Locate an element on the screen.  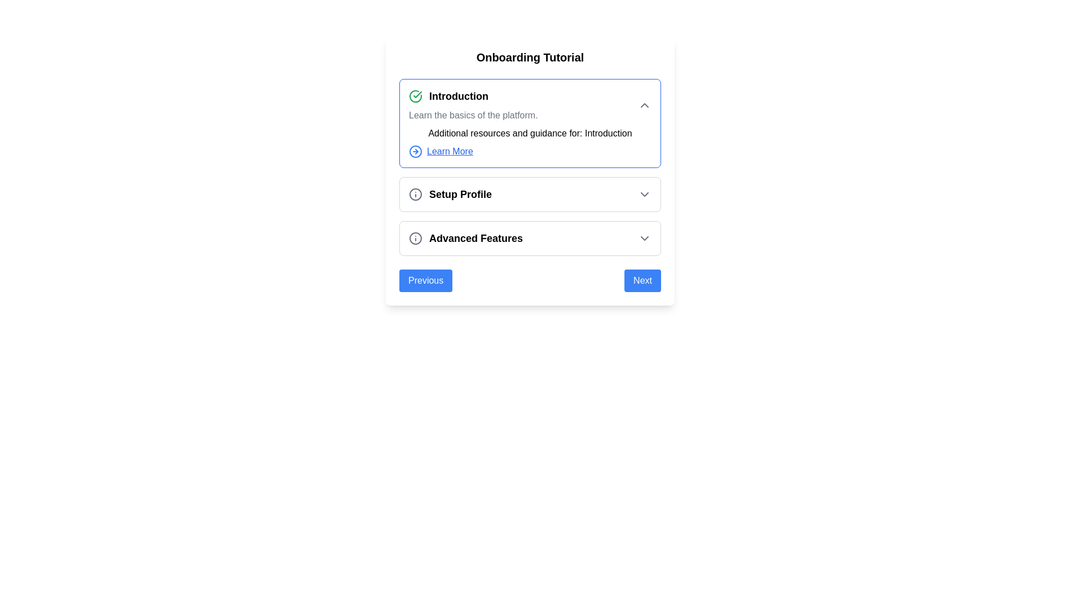
the title and summary element for the 'Setup Profile' section in the onboarding tutorial to interact with it is located at coordinates (450, 193).